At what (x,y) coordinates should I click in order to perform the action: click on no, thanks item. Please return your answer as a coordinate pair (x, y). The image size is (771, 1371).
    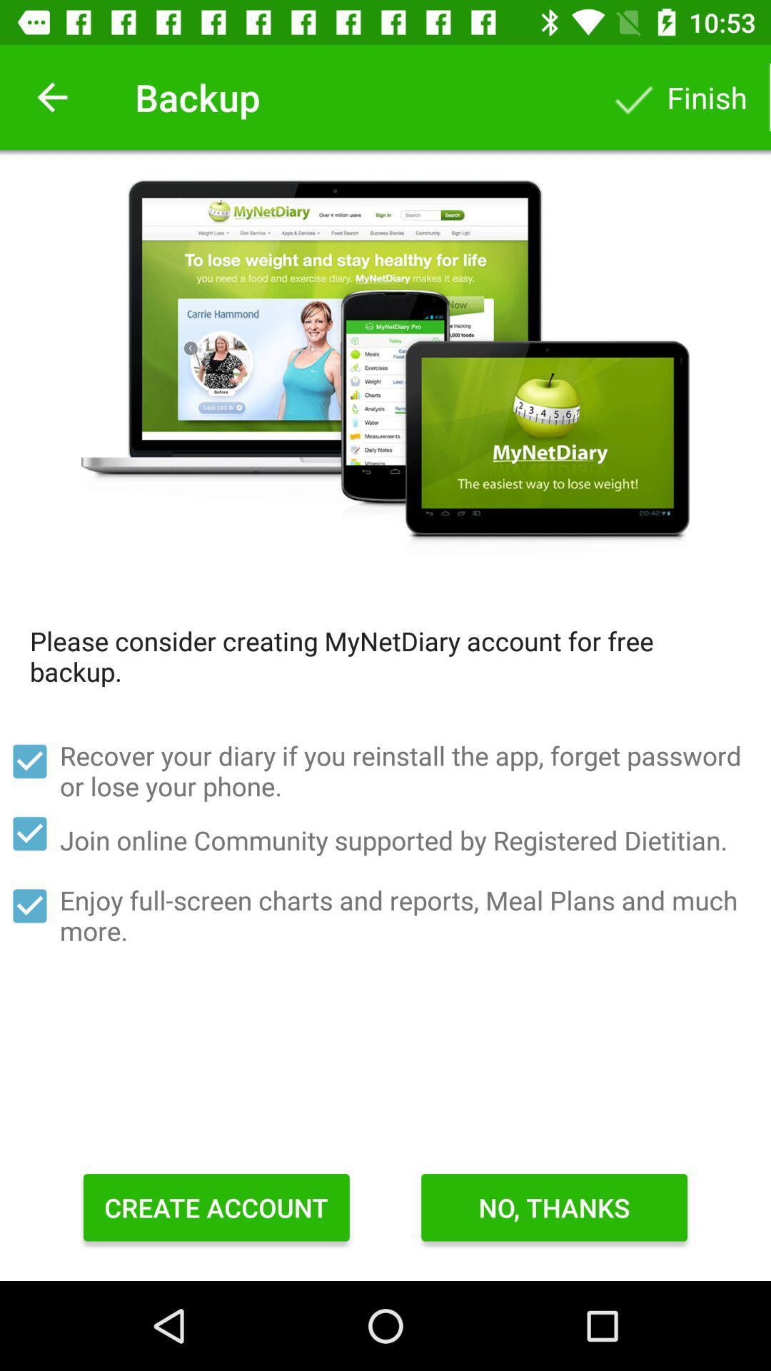
    Looking at the image, I should click on (553, 1207).